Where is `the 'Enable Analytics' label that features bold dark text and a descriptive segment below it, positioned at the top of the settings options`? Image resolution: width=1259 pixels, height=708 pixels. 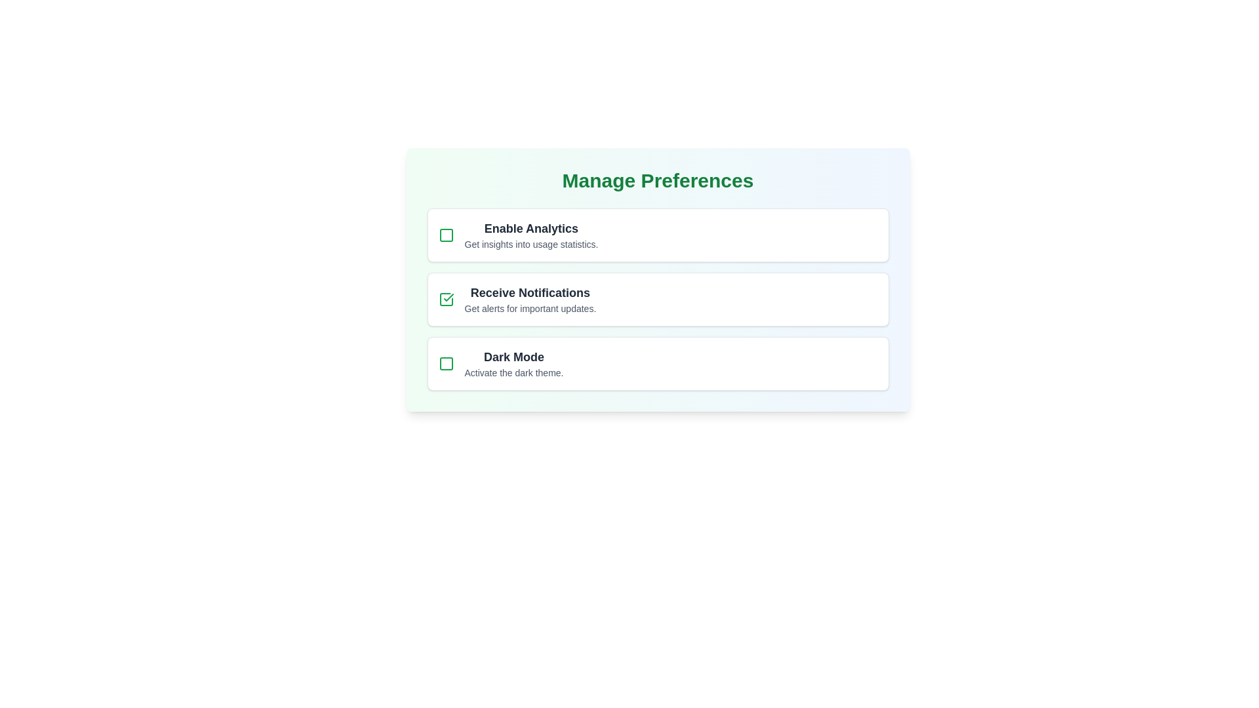
the 'Enable Analytics' label that features bold dark text and a descriptive segment below it, positioned at the top of the settings options is located at coordinates (531, 234).